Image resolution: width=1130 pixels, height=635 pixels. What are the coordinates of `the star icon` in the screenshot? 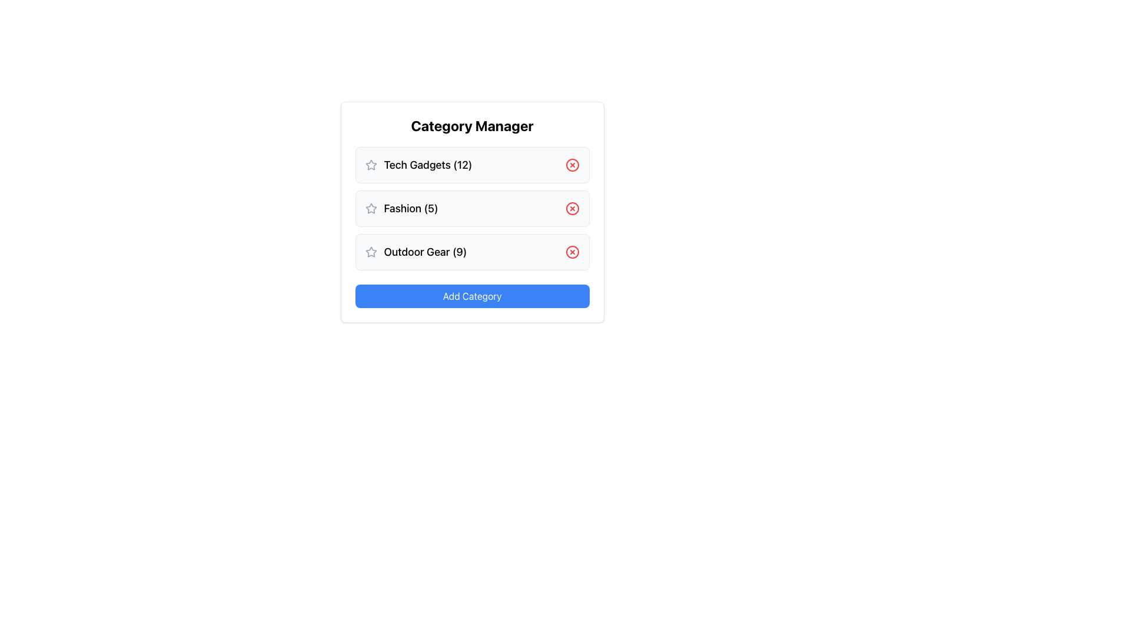 It's located at (370, 251).